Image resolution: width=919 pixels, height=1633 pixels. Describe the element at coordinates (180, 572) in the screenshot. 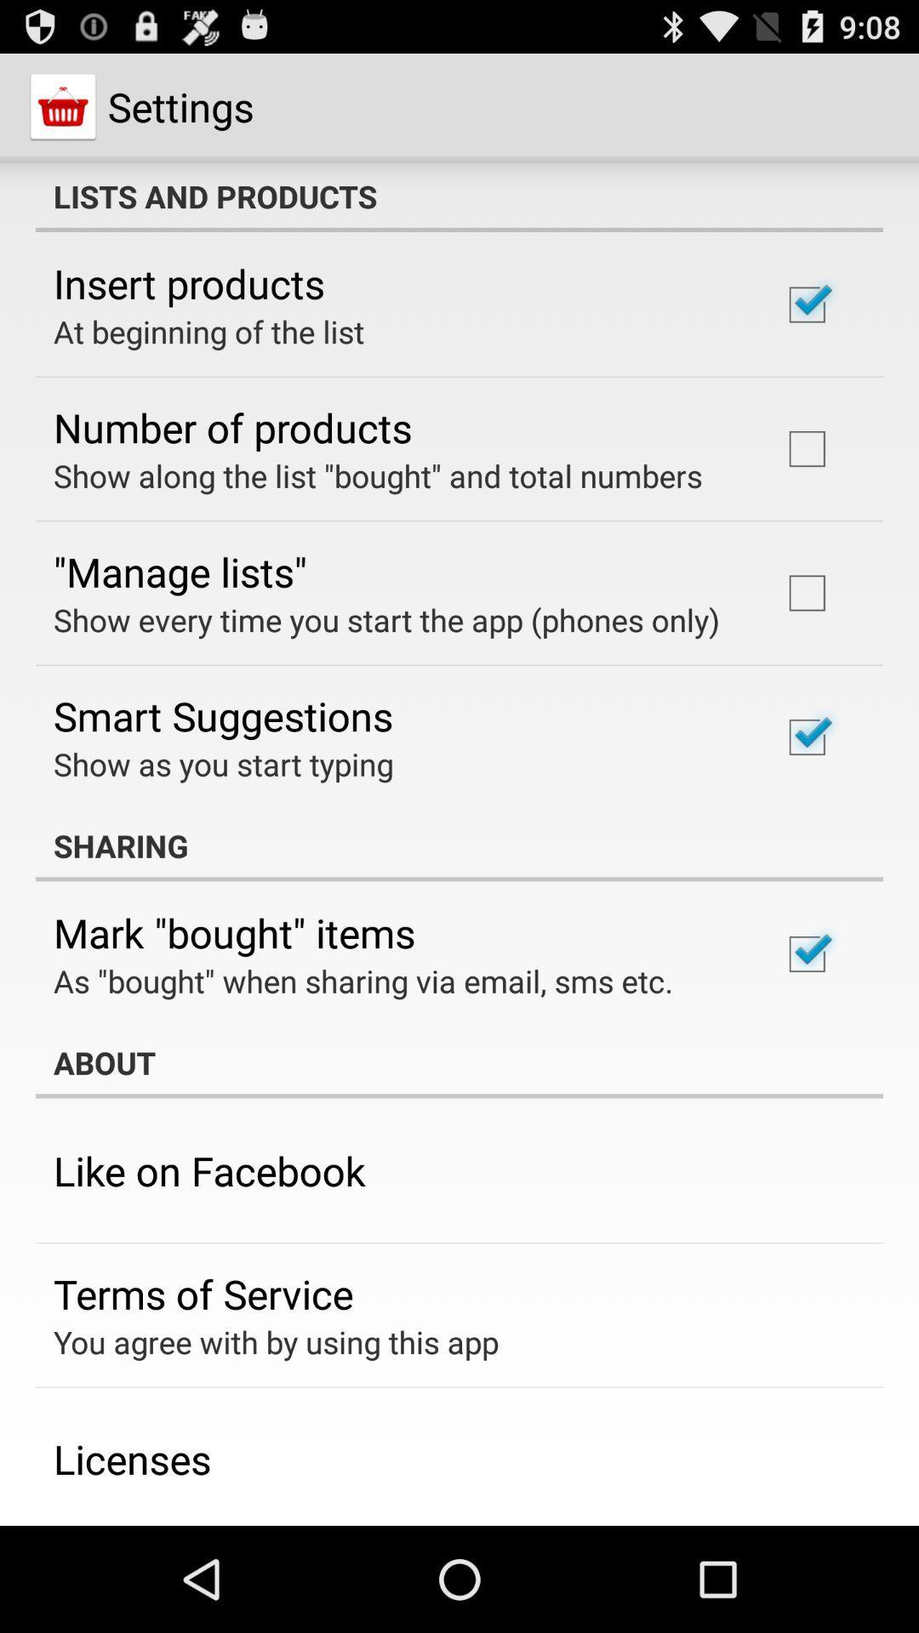

I see `the "manage lists"` at that location.